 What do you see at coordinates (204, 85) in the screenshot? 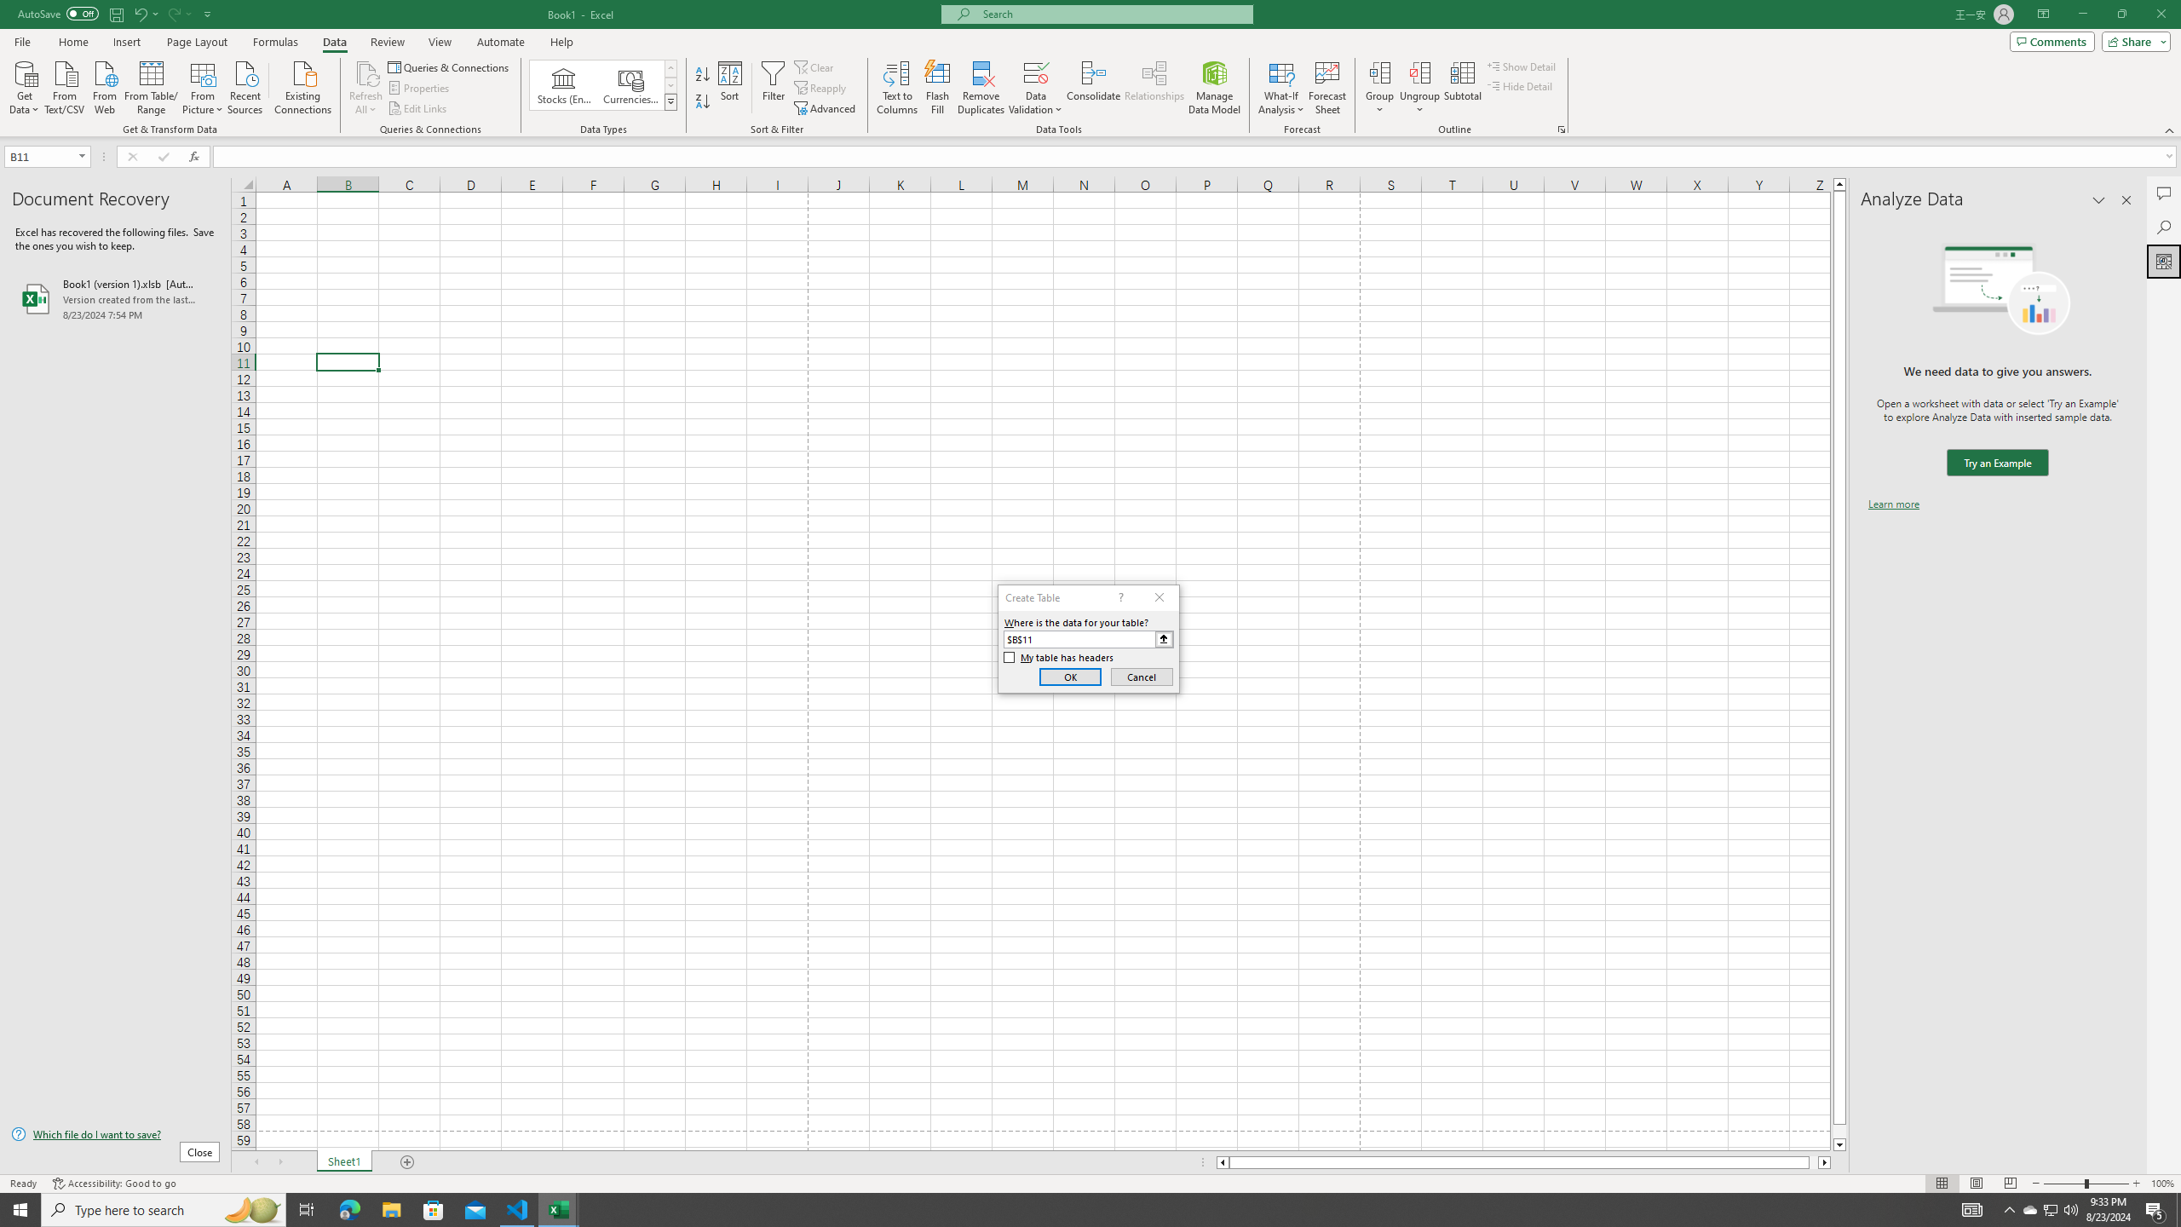
I see `'From Picture'` at bounding box center [204, 85].